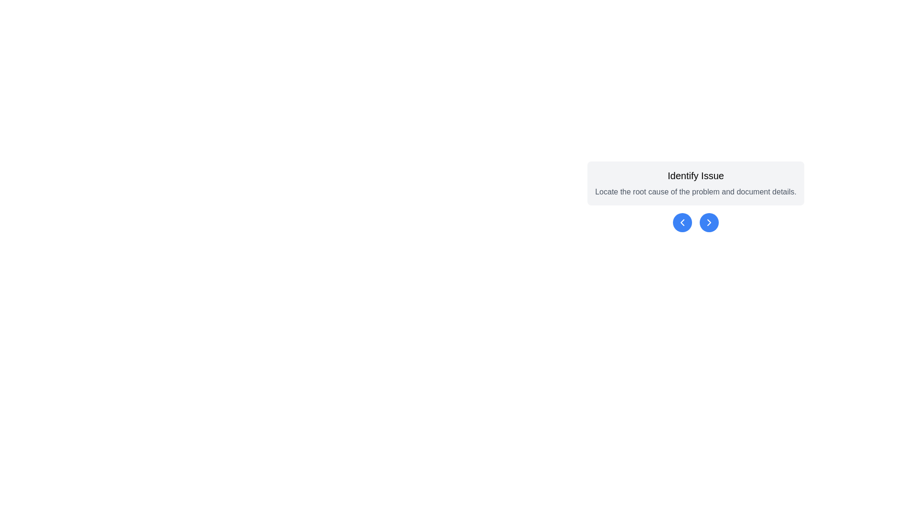 Image resolution: width=917 pixels, height=516 pixels. What do you see at coordinates (709, 223) in the screenshot?
I see `the chevron icon located within the rightmost navigation button below the text 'Identify Issue'` at bounding box center [709, 223].